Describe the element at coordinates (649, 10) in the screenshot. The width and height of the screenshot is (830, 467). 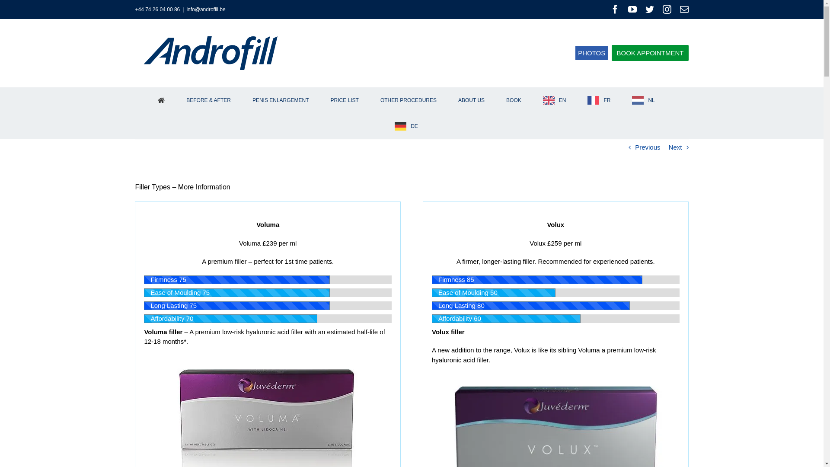
I see `'Twitter'` at that location.